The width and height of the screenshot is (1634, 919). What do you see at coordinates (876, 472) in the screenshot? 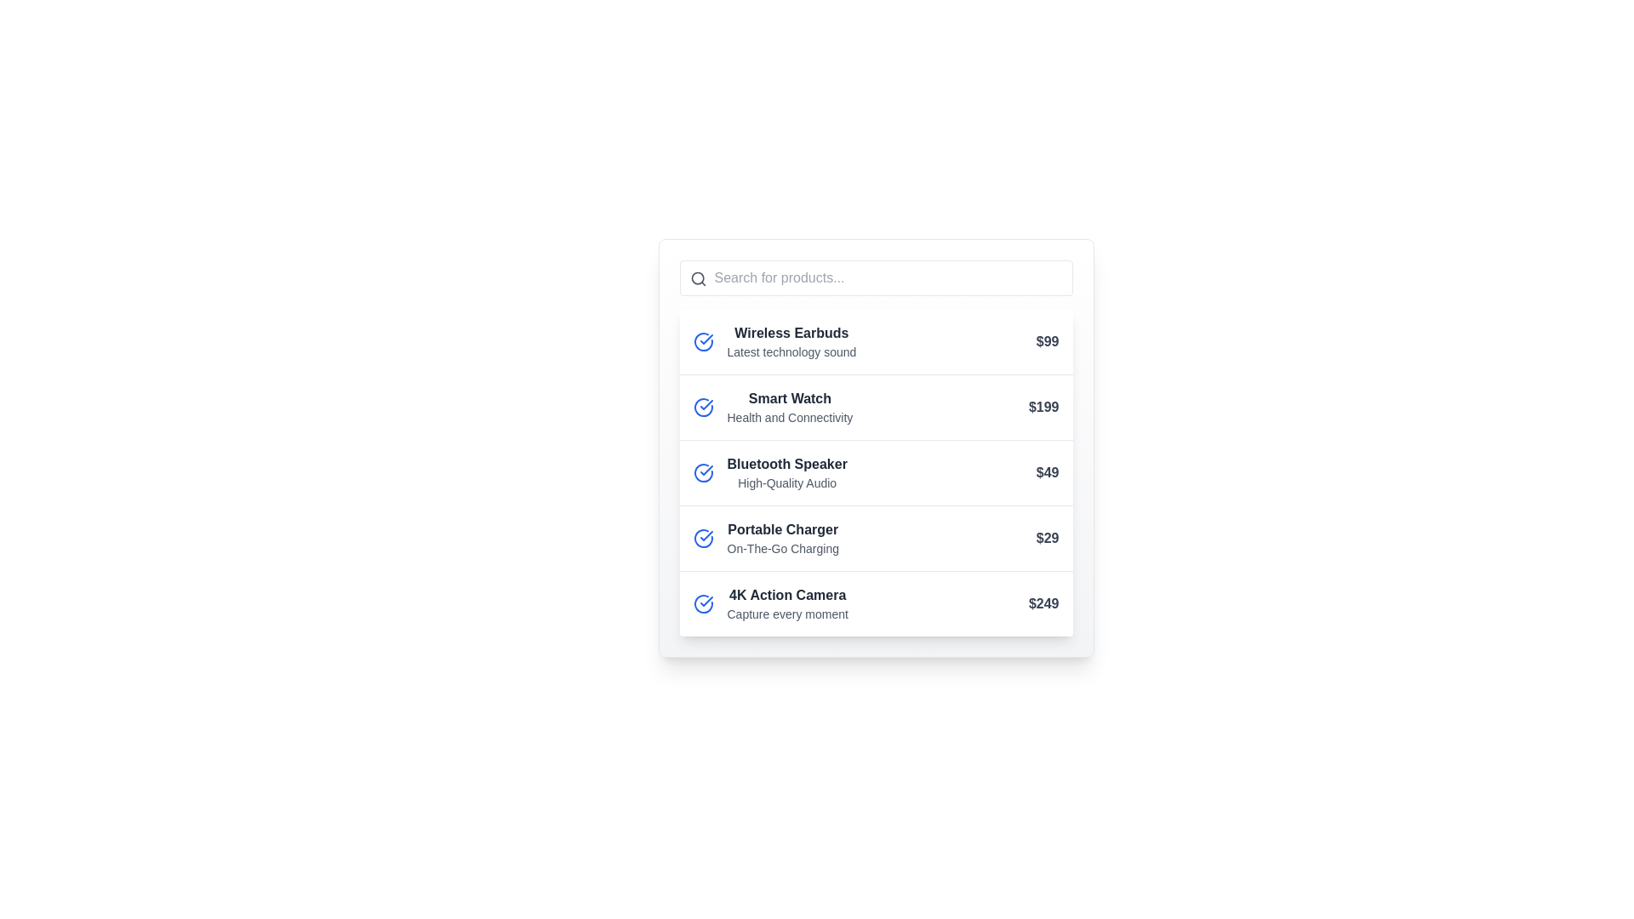
I see `the third product entry in the list, which is located between the 'Smart Watch' and 'Portable Charger' items, and is displayed within a white, rounded box with a shadow` at bounding box center [876, 472].